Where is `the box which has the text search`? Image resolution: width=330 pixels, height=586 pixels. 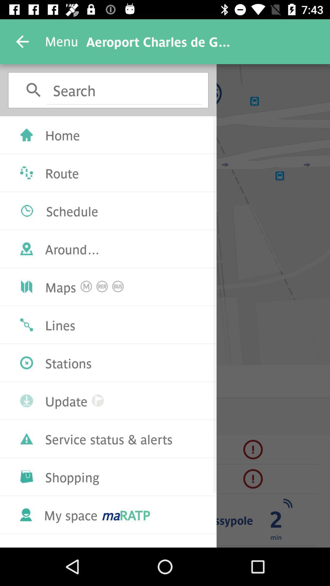
the box which has the text search is located at coordinates (124, 89).